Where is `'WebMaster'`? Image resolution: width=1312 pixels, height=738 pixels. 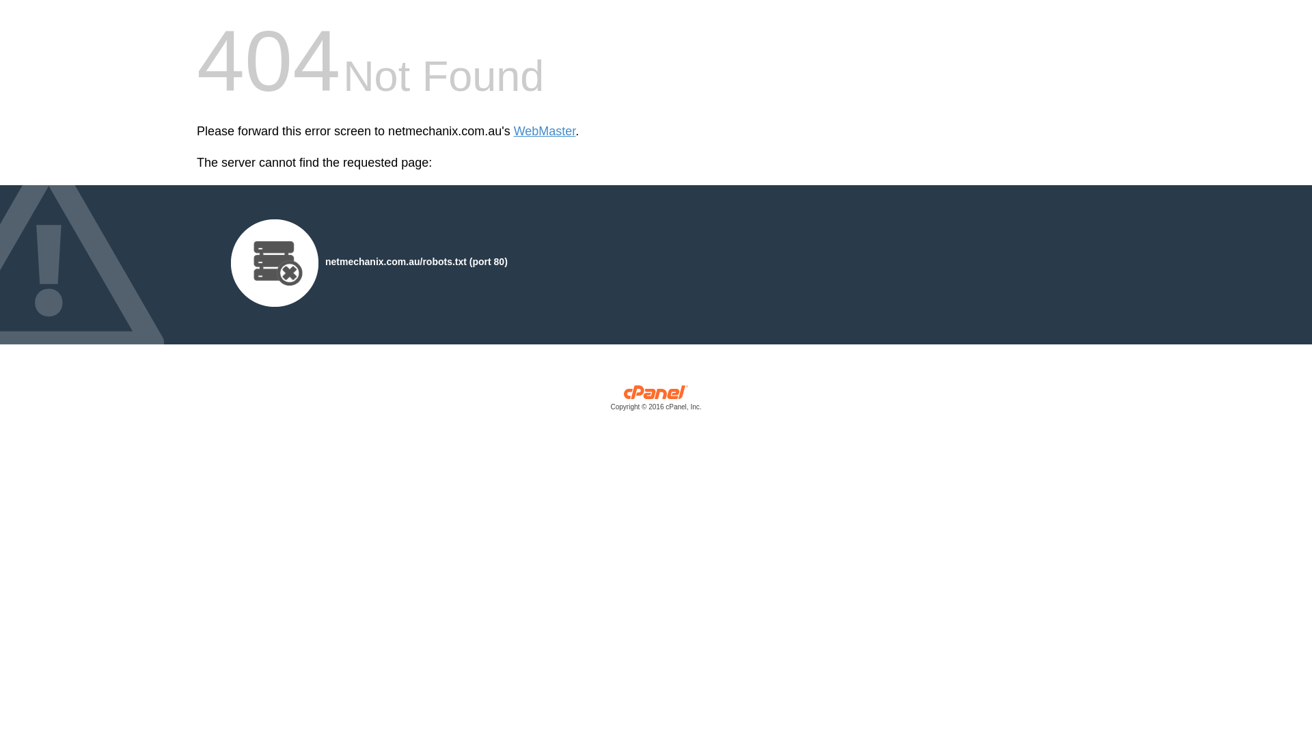 'WebMaster' is located at coordinates (513, 131).